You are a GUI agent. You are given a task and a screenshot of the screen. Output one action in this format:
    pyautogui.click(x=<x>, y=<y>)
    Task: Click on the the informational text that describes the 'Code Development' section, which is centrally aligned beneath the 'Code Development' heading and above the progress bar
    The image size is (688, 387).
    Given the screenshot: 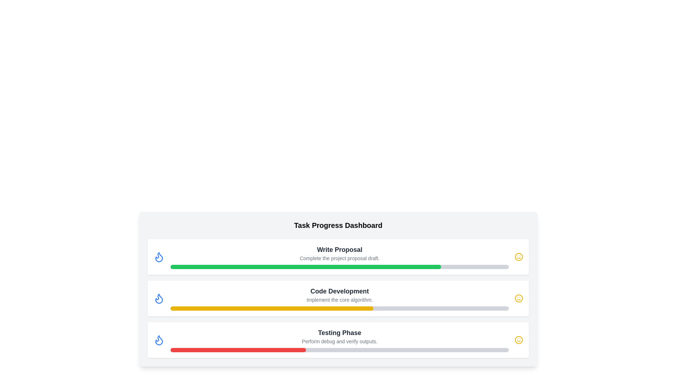 What is the action you would take?
    pyautogui.click(x=339, y=300)
    